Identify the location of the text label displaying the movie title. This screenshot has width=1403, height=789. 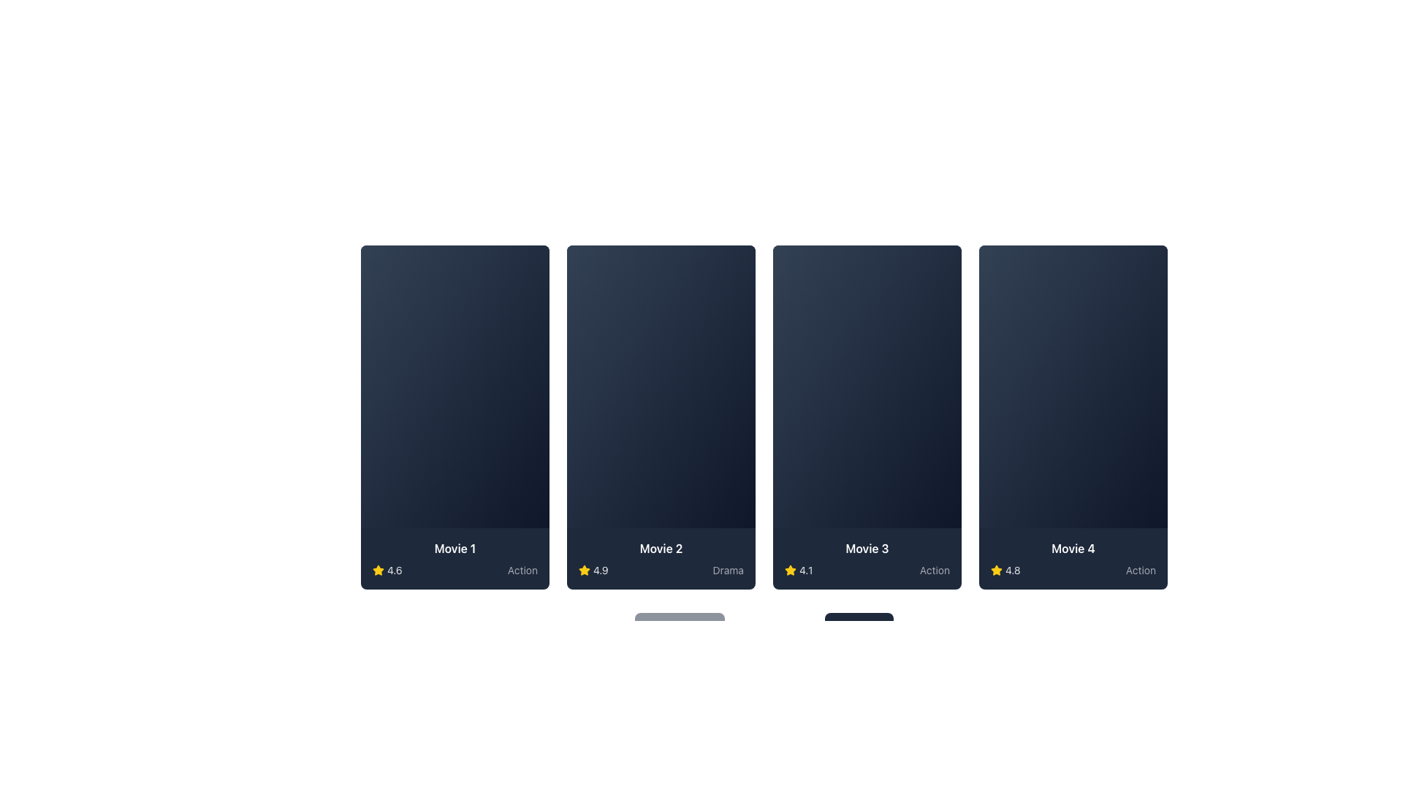
(661, 549).